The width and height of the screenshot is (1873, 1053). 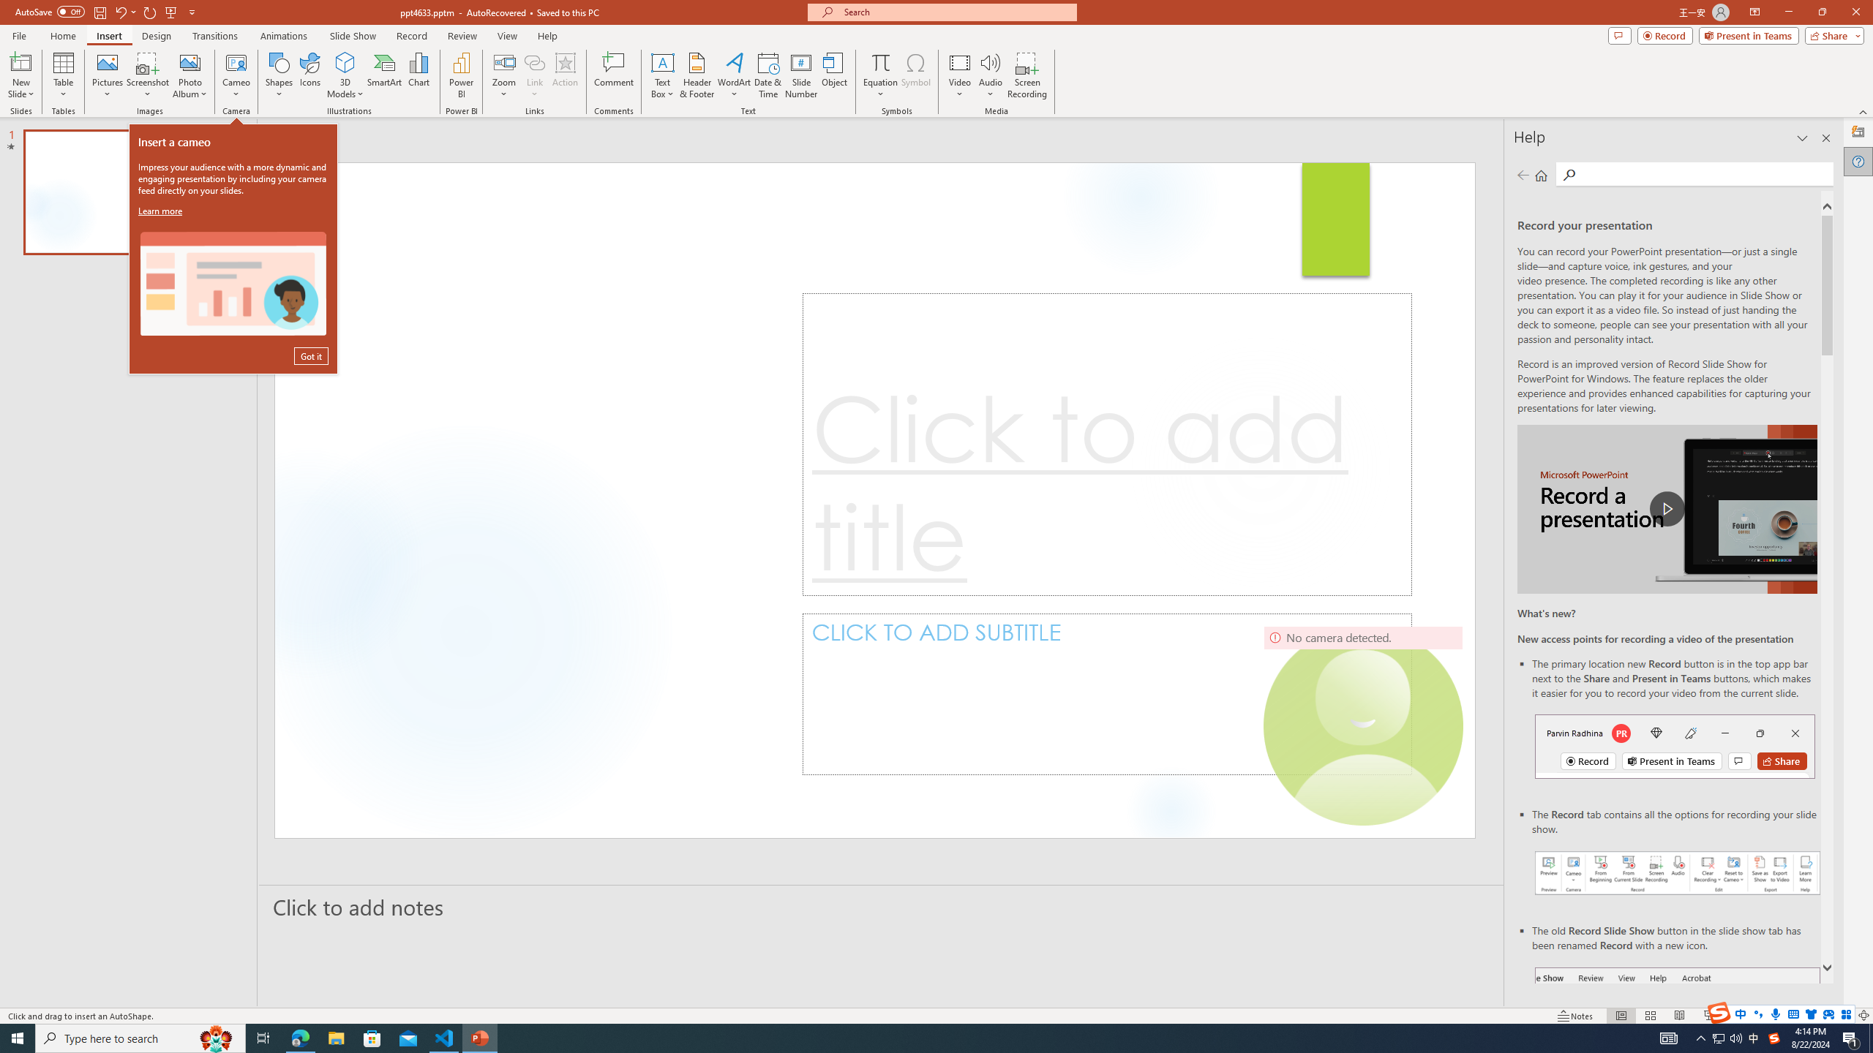 What do you see at coordinates (189, 75) in the screenshot?
I see `'Photo Album...'` at bounding box center [189, 75].